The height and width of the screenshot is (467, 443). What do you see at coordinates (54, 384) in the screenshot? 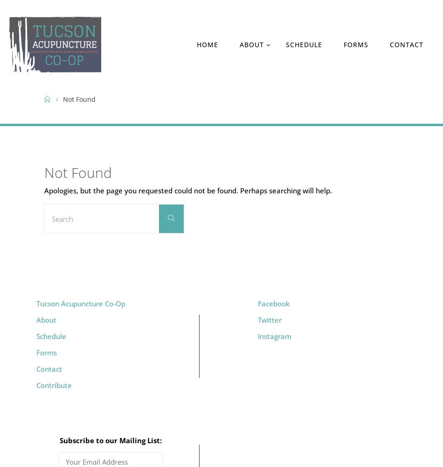
I see `'Contribute'` at bounding box center [54, 384].